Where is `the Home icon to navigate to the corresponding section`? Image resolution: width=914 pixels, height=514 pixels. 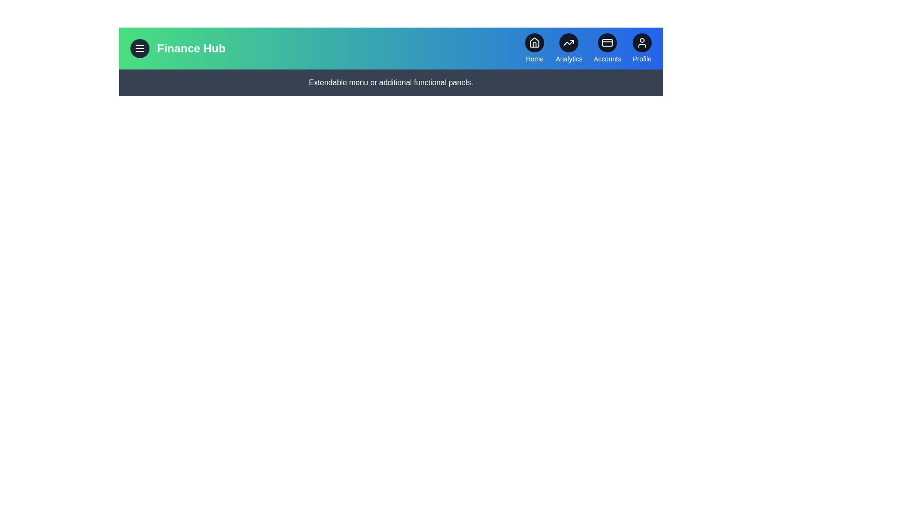 the Home icon to navigate to the corresponding section is located at coordinates (535, 42).